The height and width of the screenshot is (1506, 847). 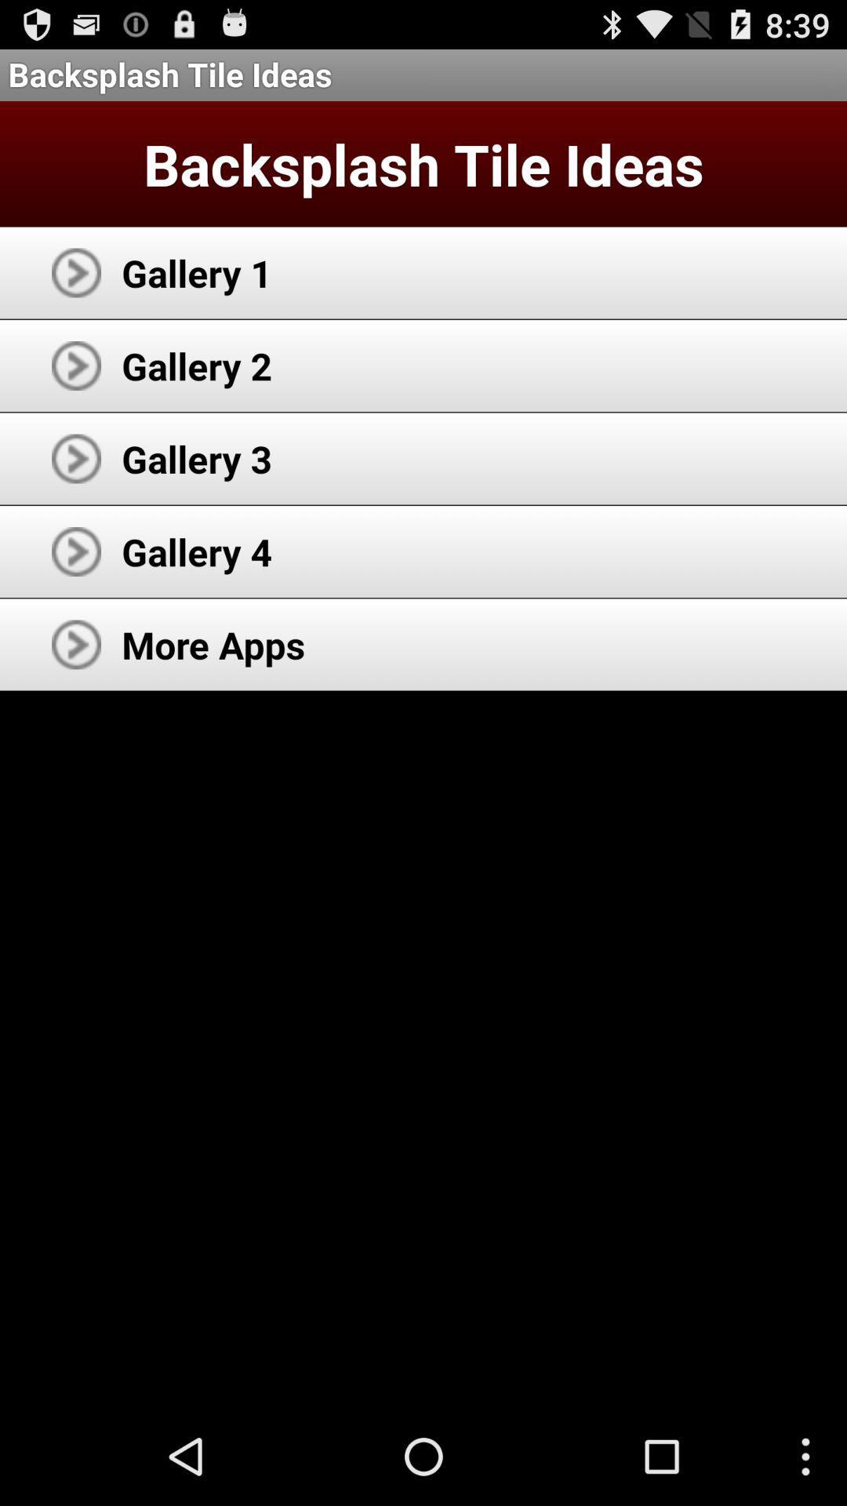 I want to click on item above gallery 3 item, so click(x=196, y=365).